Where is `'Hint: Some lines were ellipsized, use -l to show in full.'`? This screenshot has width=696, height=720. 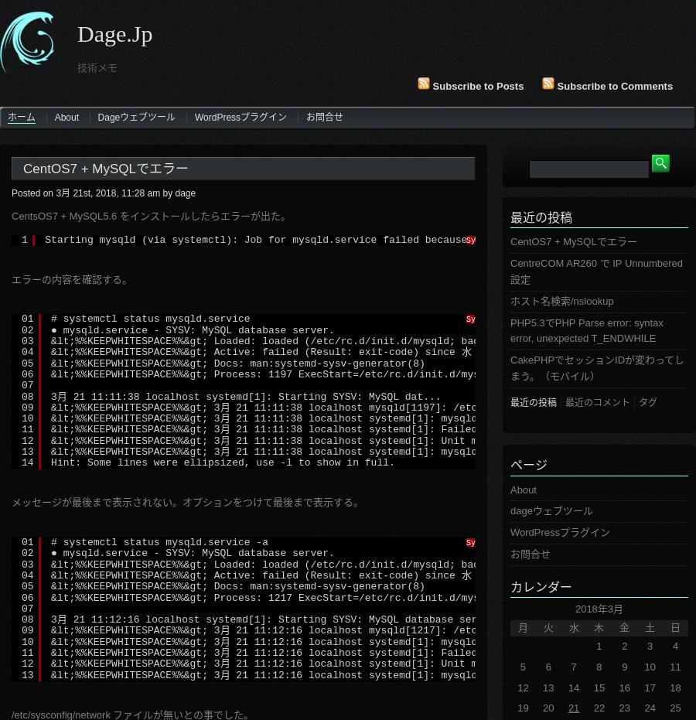 'Hint: Some lines were ellipsized, use -l to show in full.' is located at coordinates (222, 462).